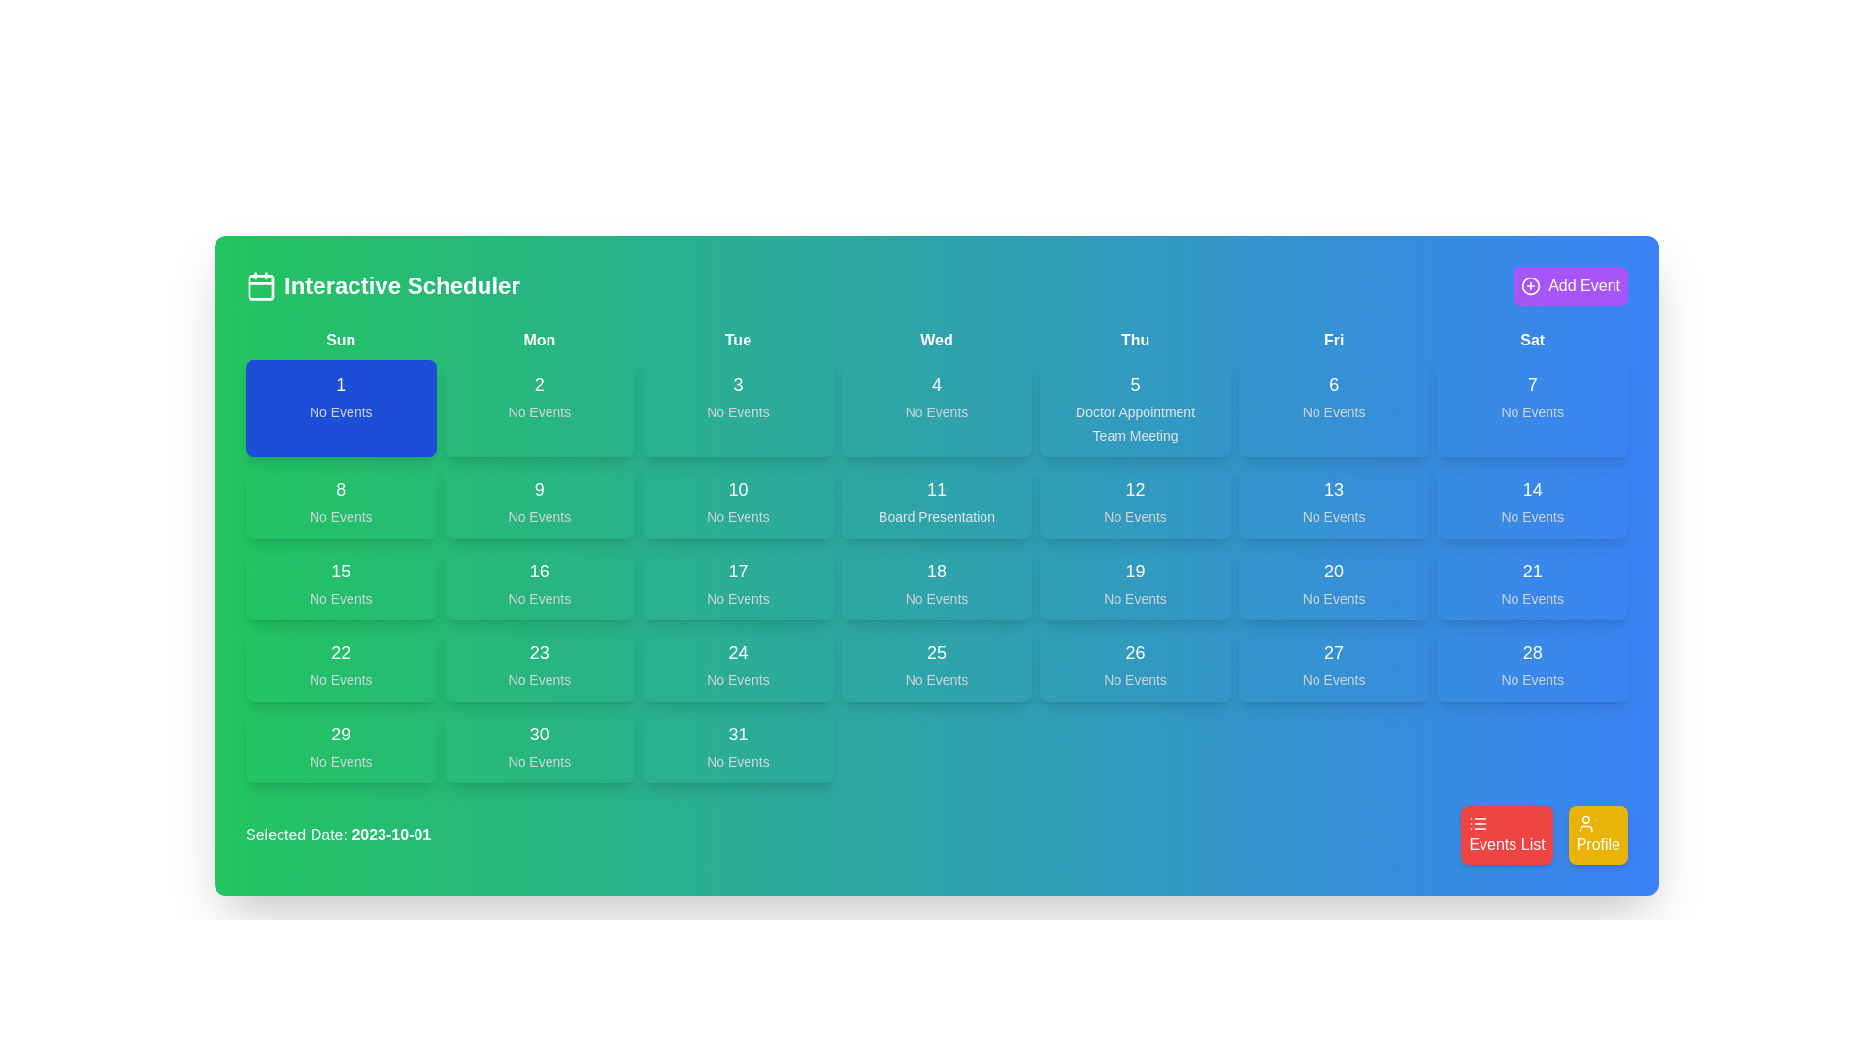 The image size is (1864, 1048). I want to click on the static text label displaying 'Sat', which is styled with centered bold text and positioned as the last label in a row of day abbreviations on the weekly calendar layout, so click(1531, 340).